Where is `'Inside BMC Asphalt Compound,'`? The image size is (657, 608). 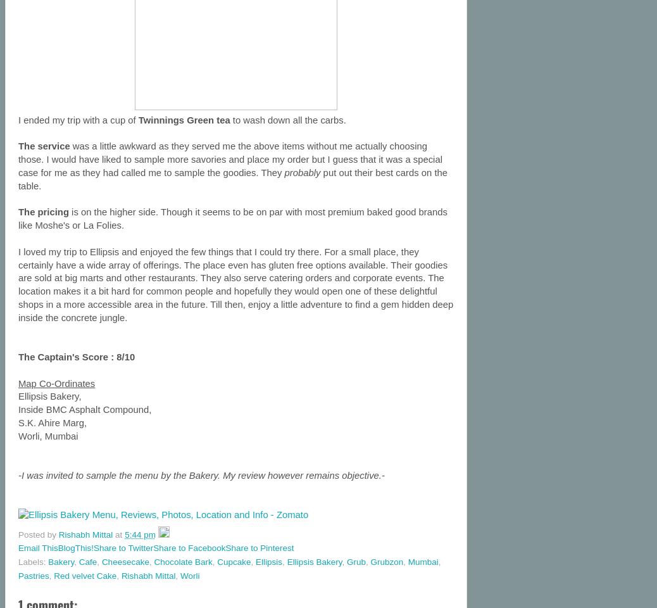
'Inside BMC Asphalt Compound,' is located at coordinates (17, 409).